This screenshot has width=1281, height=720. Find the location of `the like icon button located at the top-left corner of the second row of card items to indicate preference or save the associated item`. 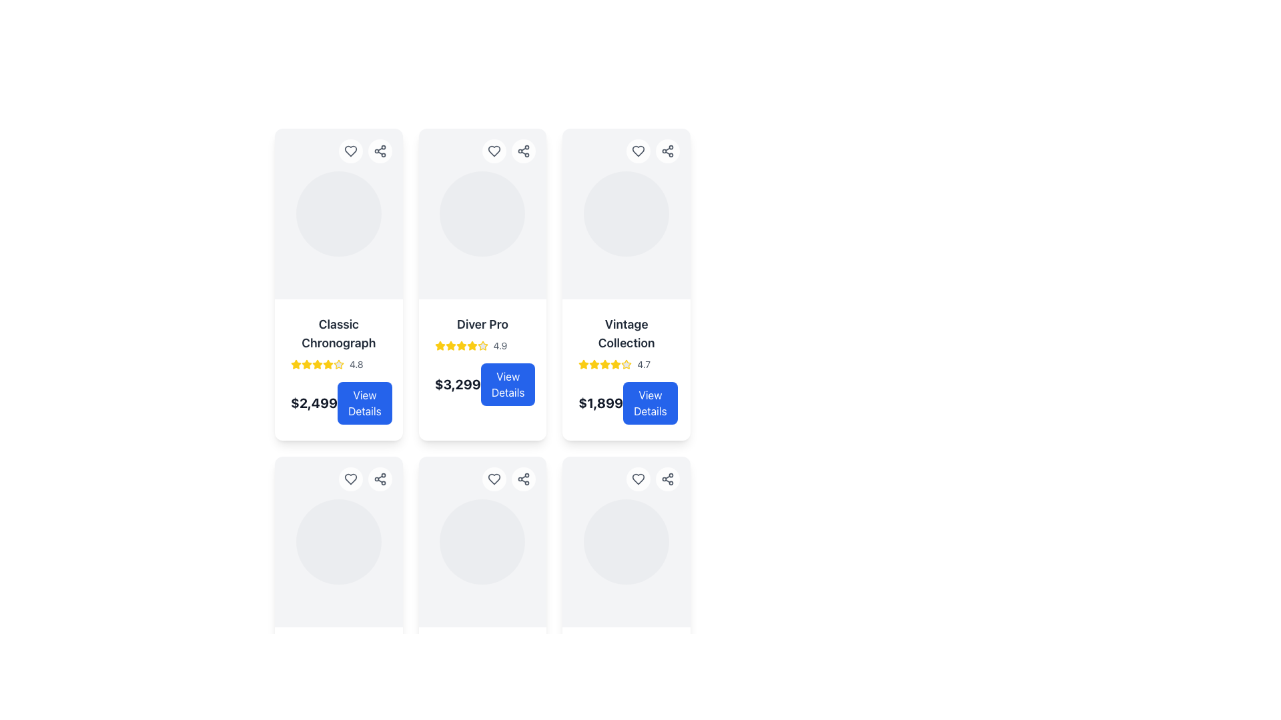

the like icon button located at the top-left corner of the second row of card items to indicate preference or save the associated item is located at coordinates (493, 478).